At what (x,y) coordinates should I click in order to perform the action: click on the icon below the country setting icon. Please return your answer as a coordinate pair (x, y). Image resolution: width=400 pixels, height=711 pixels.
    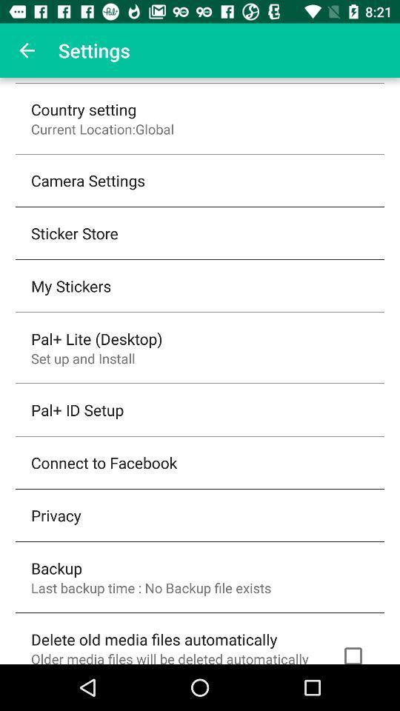
    Looking at the image, I should click on (101, 128).